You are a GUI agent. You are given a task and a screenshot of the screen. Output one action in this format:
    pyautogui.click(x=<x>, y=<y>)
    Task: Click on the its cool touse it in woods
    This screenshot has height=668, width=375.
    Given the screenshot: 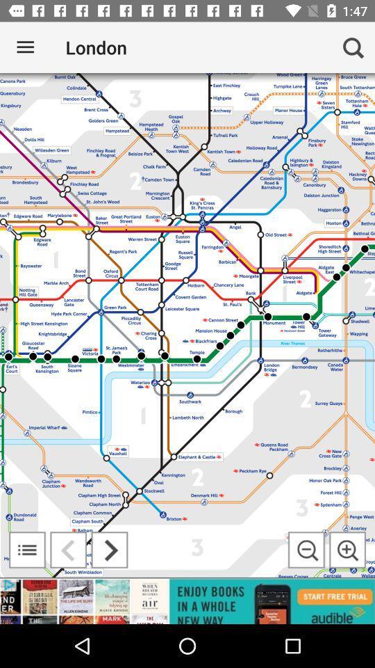 What is the action you would take?
    pyautogui.click(x=306, y=550)
    